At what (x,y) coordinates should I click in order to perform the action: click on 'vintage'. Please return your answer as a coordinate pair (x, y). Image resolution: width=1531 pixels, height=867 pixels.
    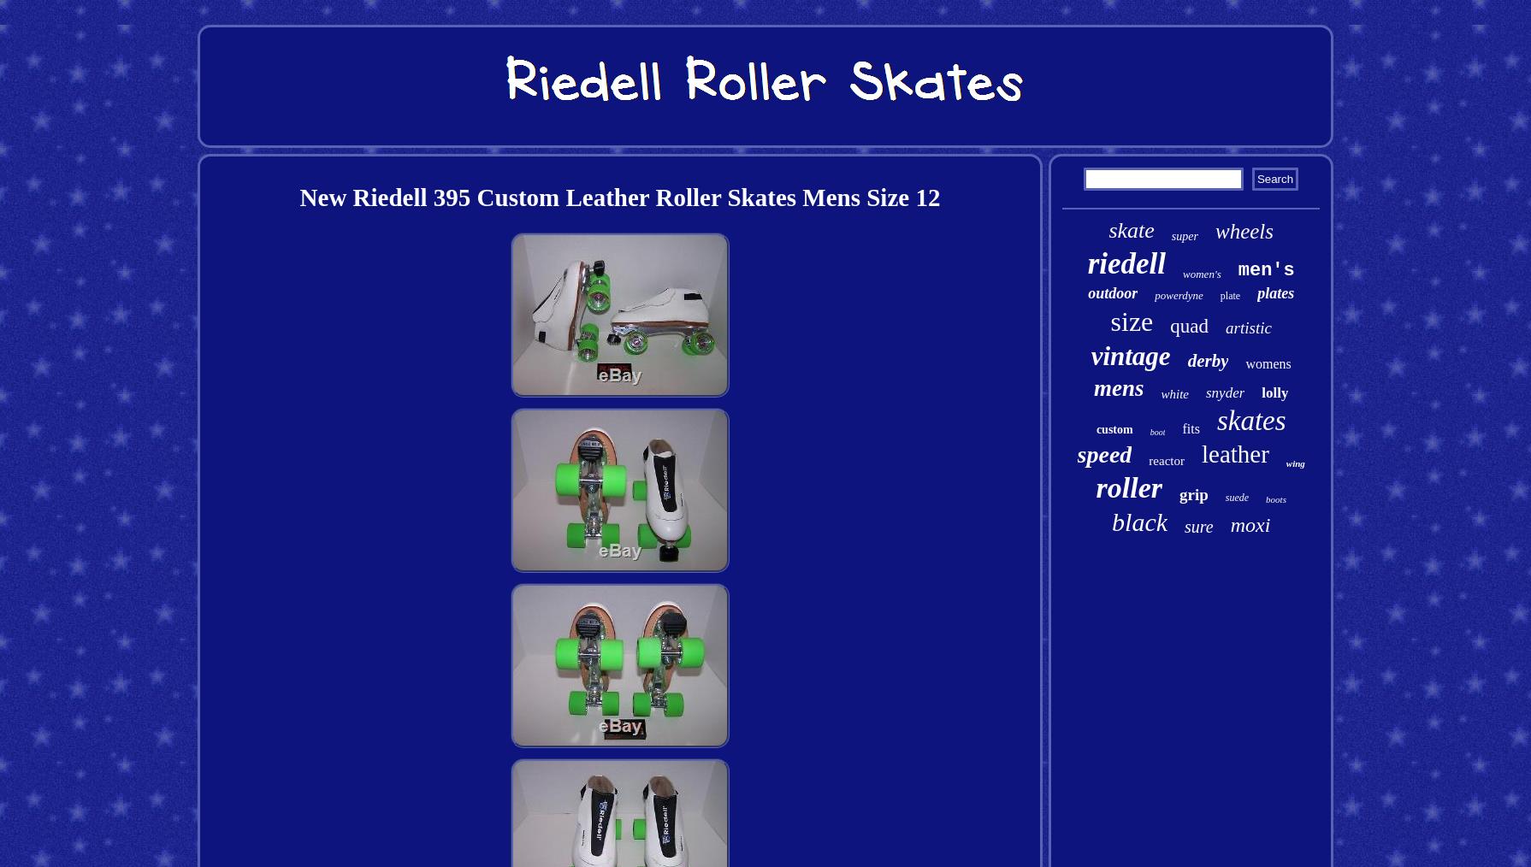
    Looking at the image, I should click on (1130, 355).